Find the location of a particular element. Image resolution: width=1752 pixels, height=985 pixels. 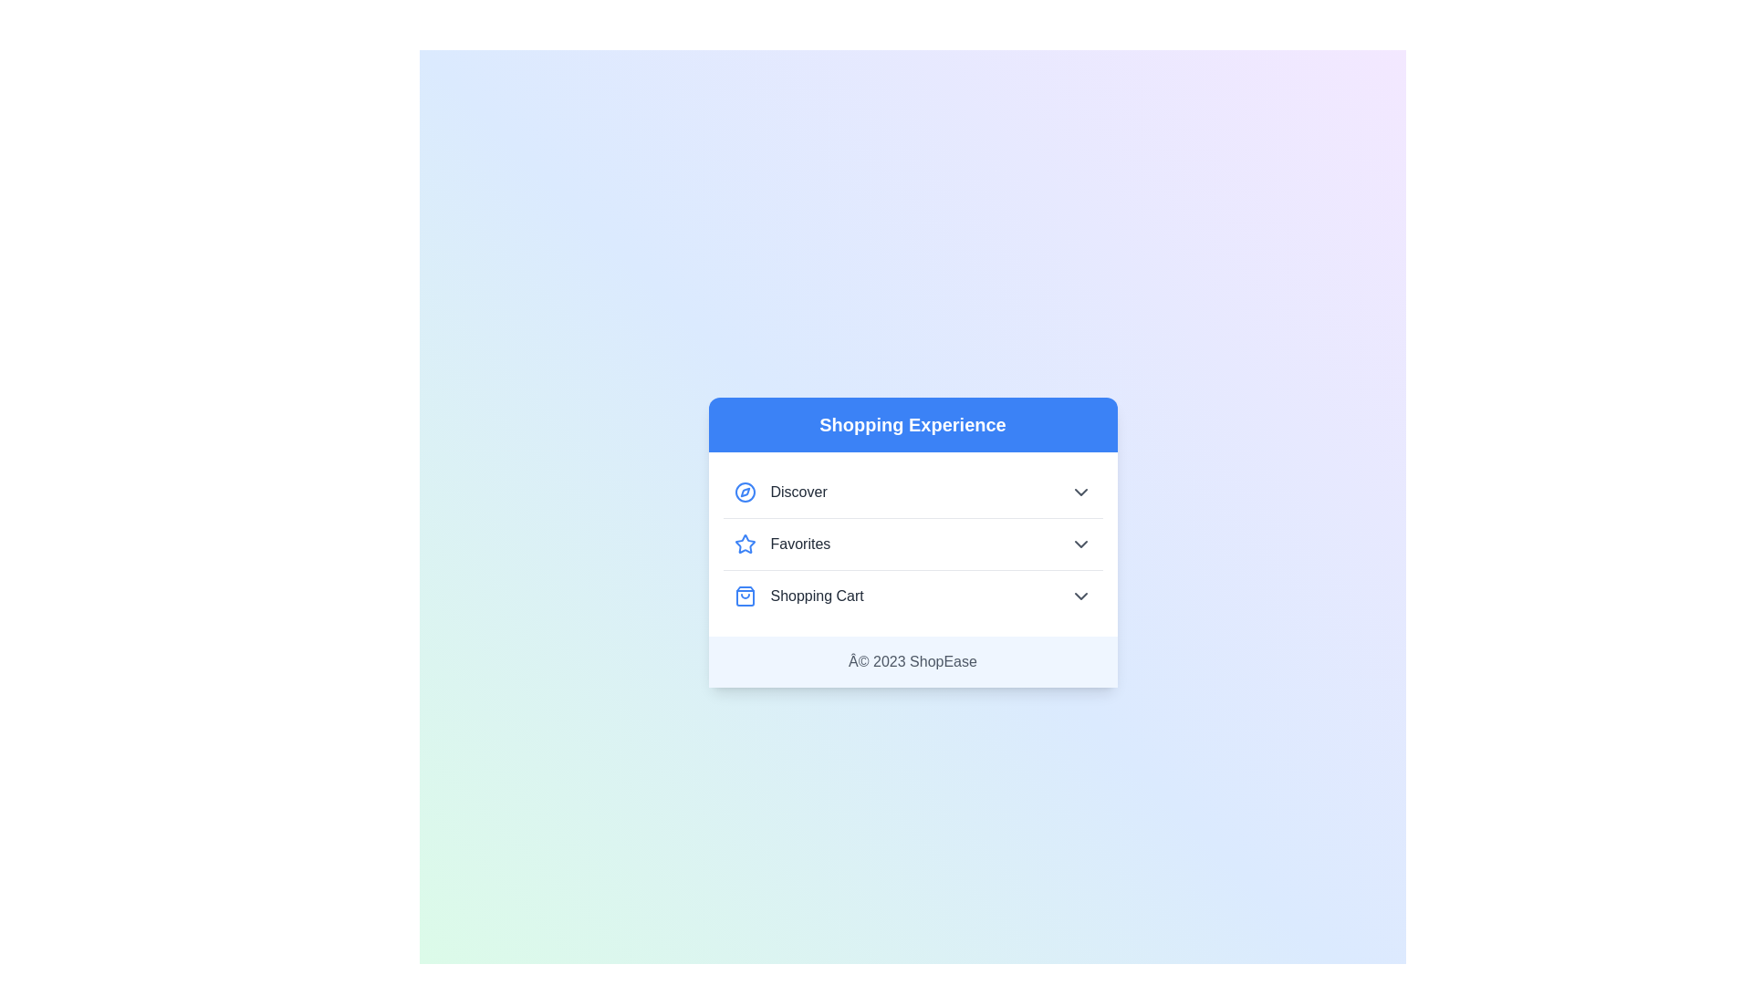

the icon next to the category Discover is located at coordinates (745, 493).